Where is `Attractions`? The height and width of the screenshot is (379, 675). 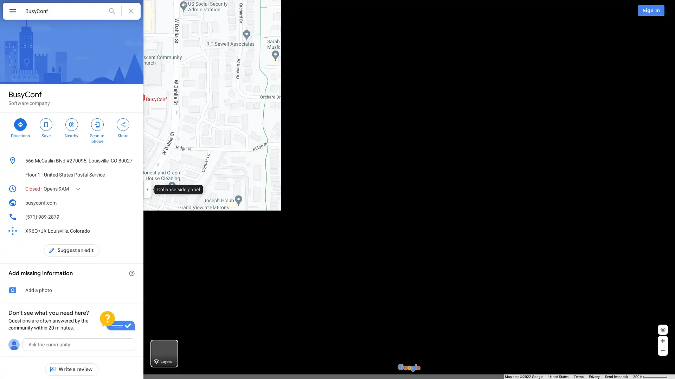 Attractions is located at coordinates (245, 11).